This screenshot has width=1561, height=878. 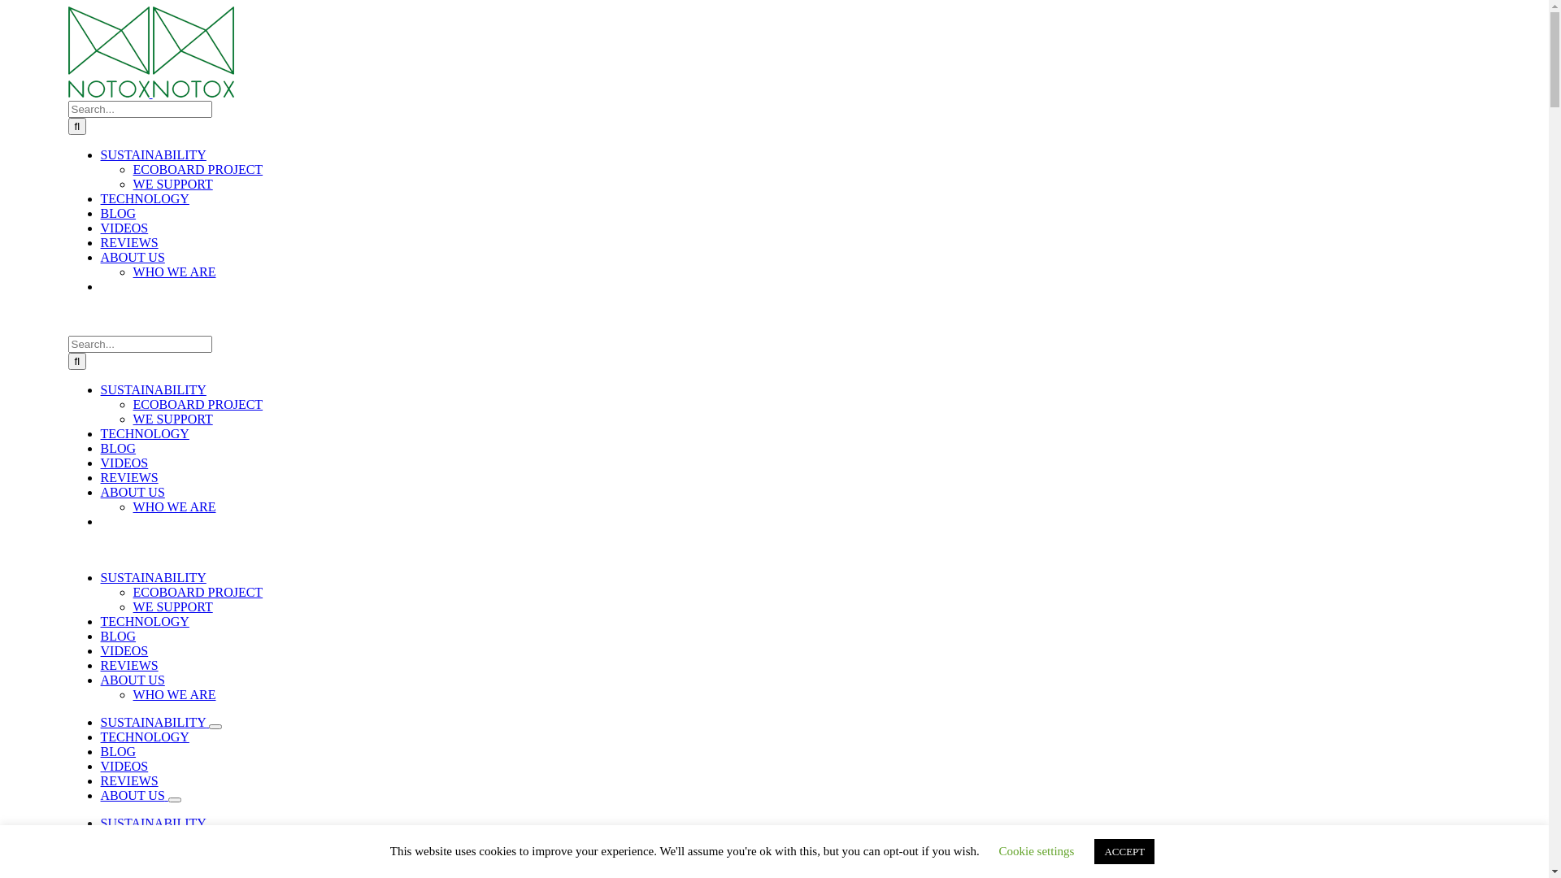 I want to click on 'ACCEPT', so click(x=1123, y=850).